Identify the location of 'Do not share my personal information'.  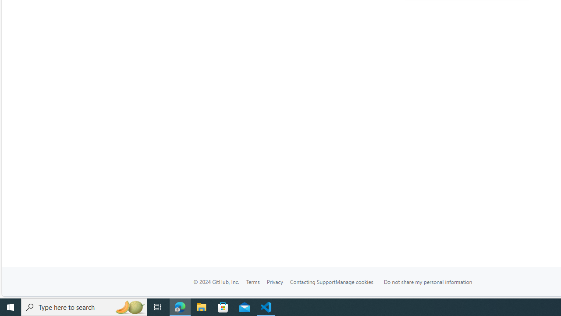
(428, 281).